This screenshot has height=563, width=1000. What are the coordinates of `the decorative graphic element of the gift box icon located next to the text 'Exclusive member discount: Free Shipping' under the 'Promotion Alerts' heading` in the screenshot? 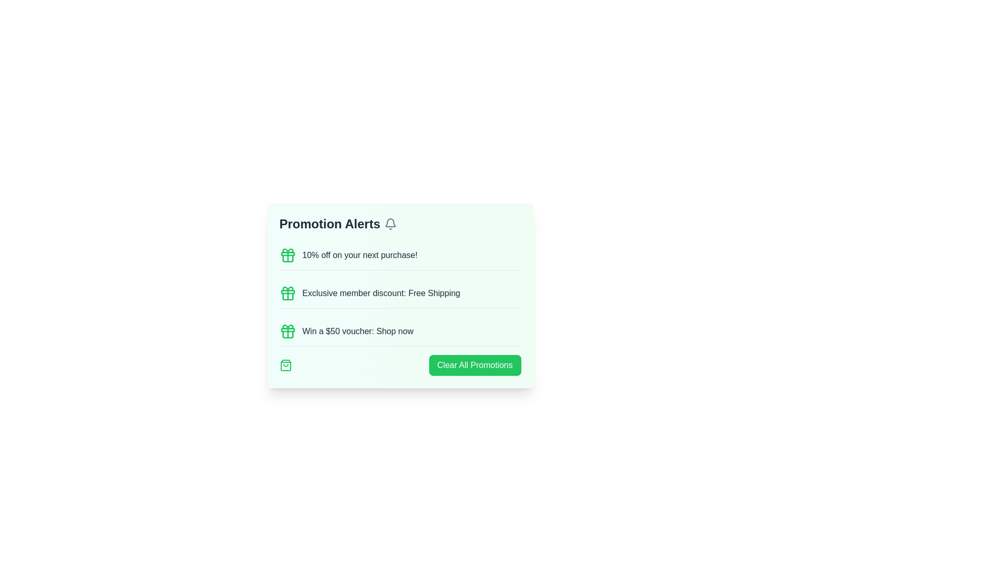 It's located at (287, 297).